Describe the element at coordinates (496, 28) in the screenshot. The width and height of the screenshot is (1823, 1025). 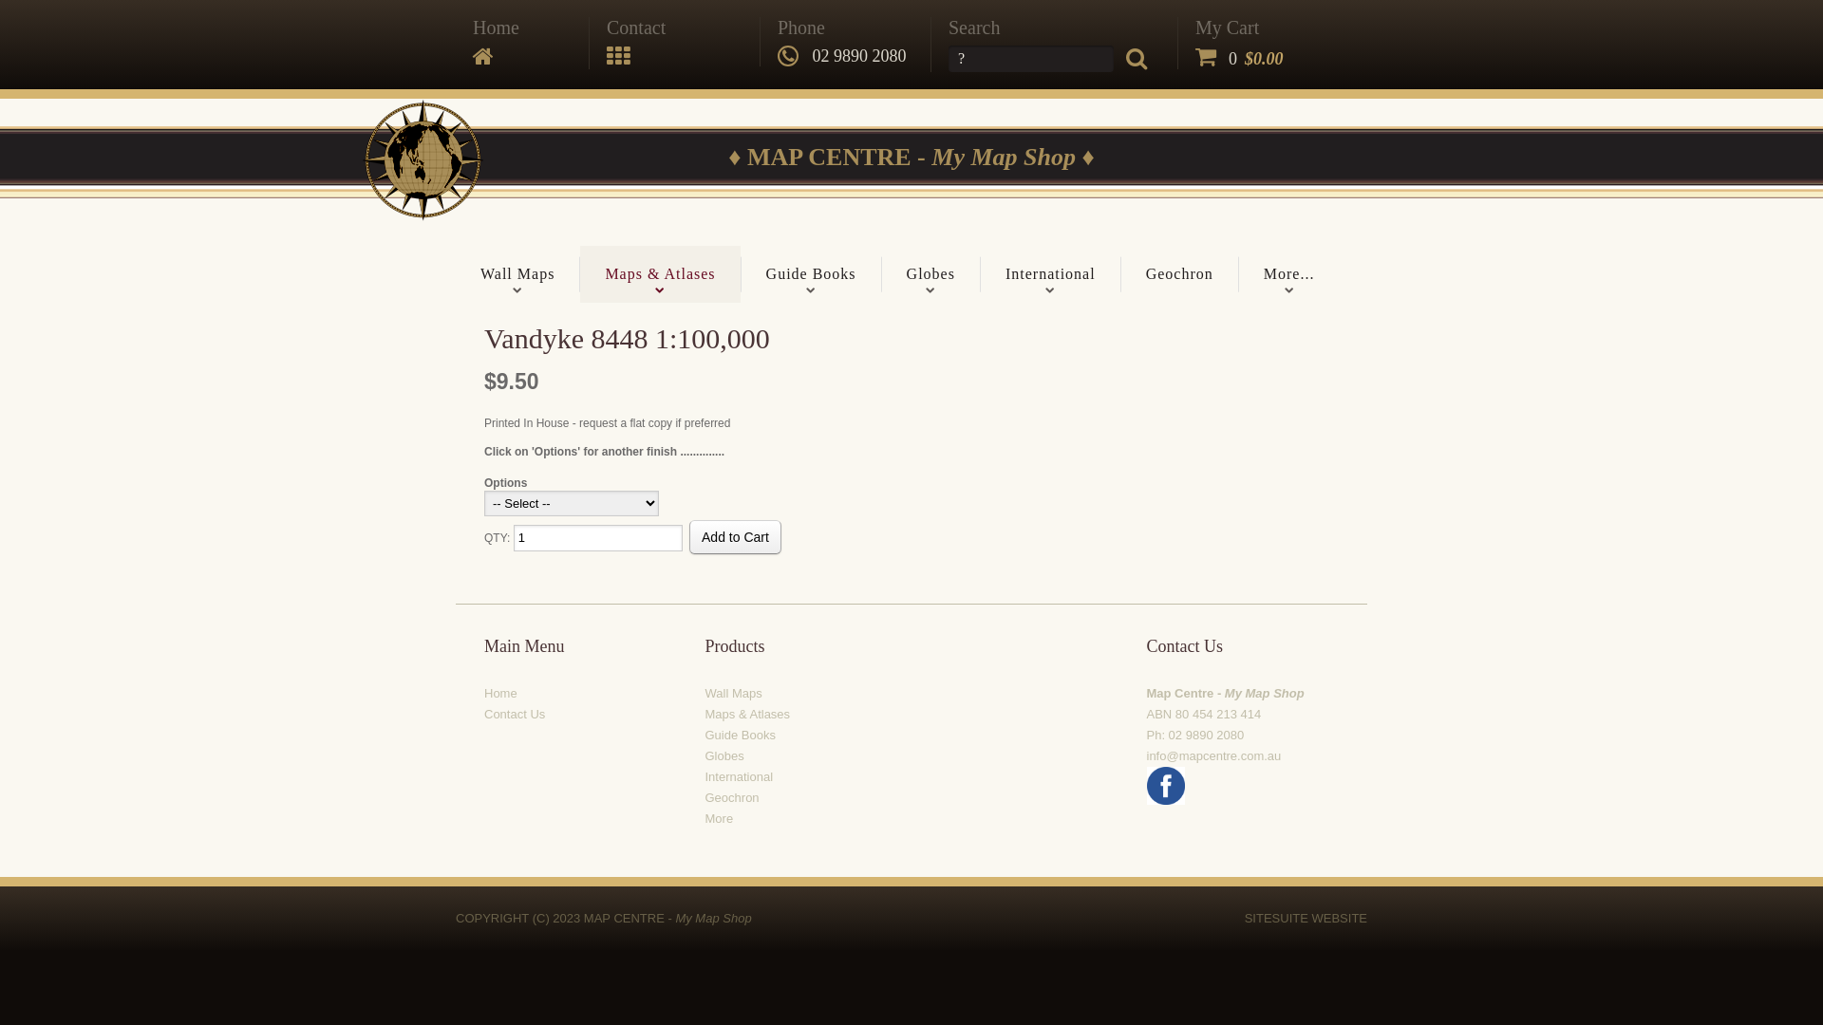
I see `'Home'` at that location.